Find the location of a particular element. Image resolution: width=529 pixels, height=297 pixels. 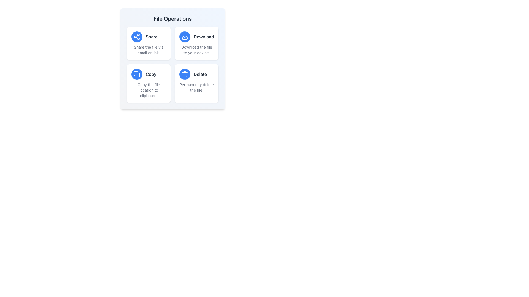

the text label that reads 'Share the file via email or link.' positioned below the 'Share' button in the upper-left quadrant of the interface is located at coordinates (149, 50).